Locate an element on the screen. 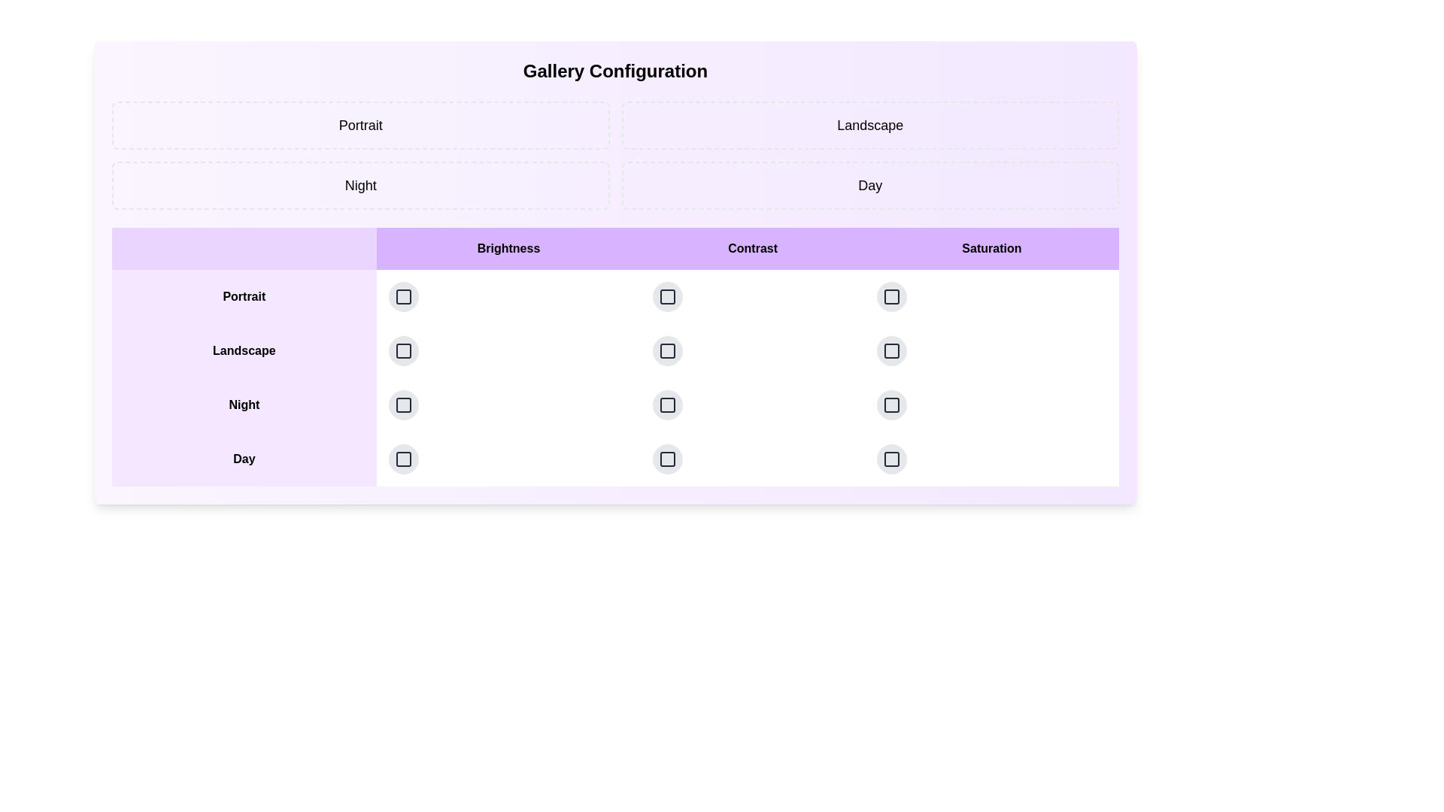 This screenshot has height=812, width=1444. the saturation adjustment checkbox for the 'Portrait' configuration, located at the intersection of the 'Portrait' row and 'Saturation' column is located at coordinates (991, 296).